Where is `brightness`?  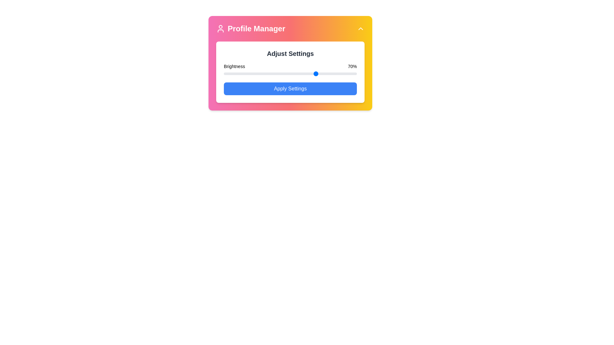
brightness is located at coordinates (243, 73).